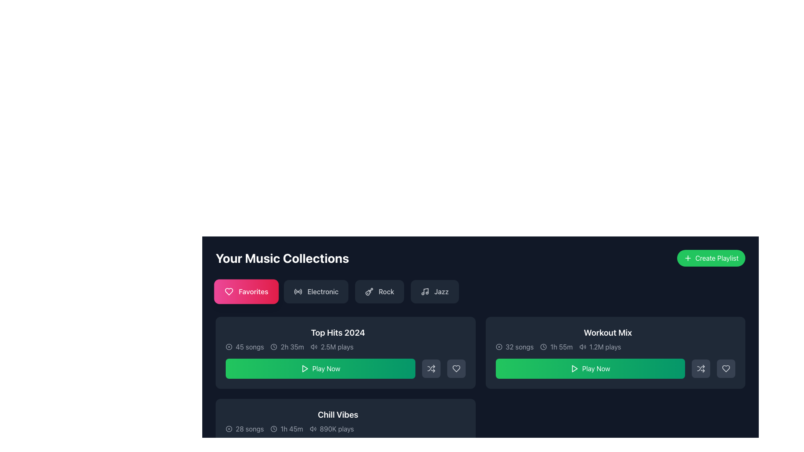 The image size is (804, 452). I want to click on the heart-shaped icon with a hollow style located in the center of the 'Favorites' button in the 'Your Music Collections' section, so click(229, 291).